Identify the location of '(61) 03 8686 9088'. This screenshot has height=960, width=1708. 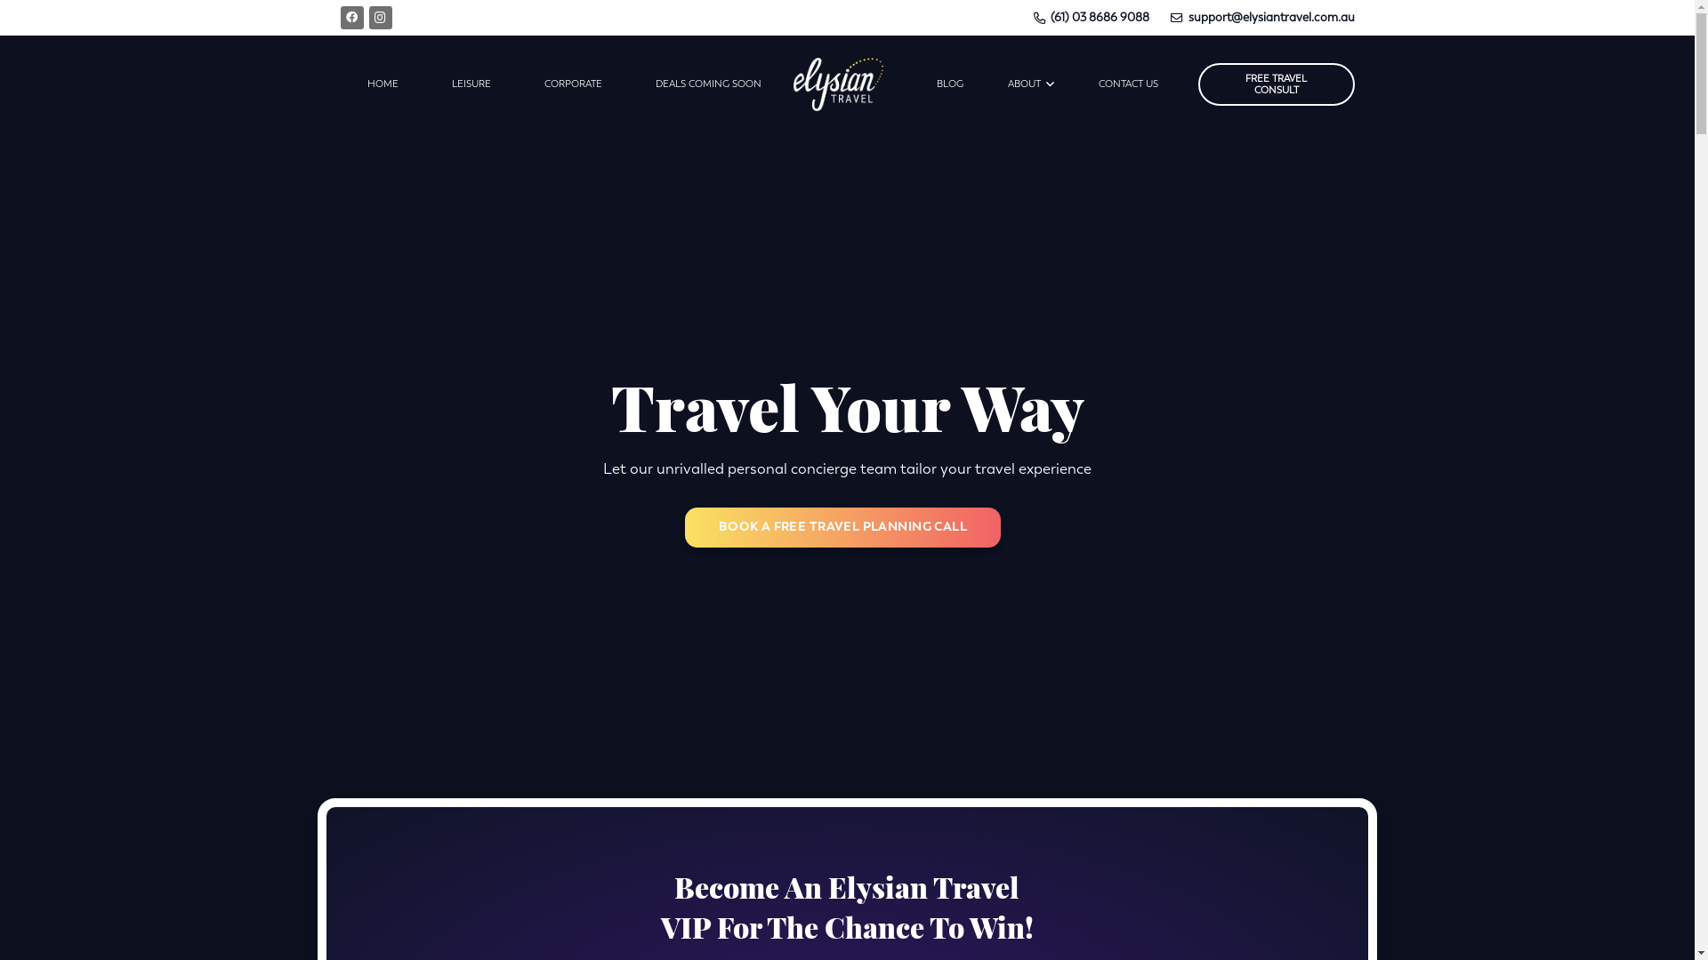
(1091, 17).